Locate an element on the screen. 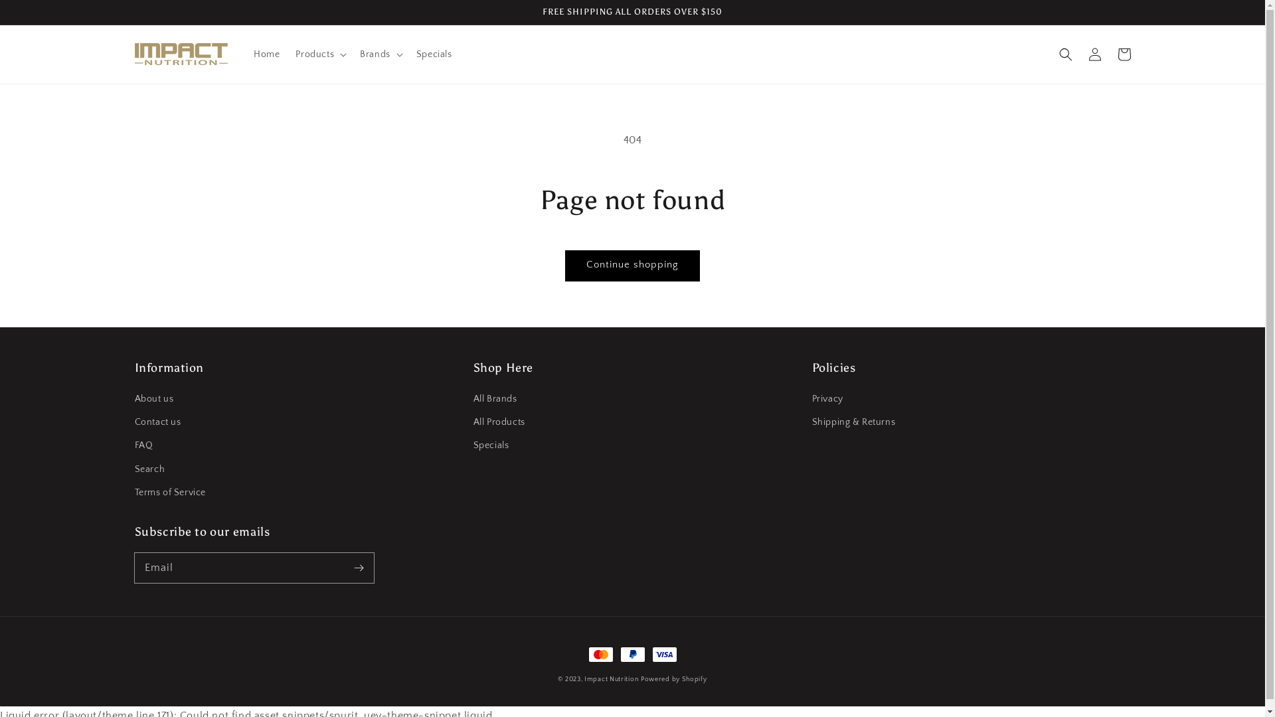 Image resolution: width=1275 pixels, height=717 pixels. 'Log in' is located at coordinates (1094, 53).